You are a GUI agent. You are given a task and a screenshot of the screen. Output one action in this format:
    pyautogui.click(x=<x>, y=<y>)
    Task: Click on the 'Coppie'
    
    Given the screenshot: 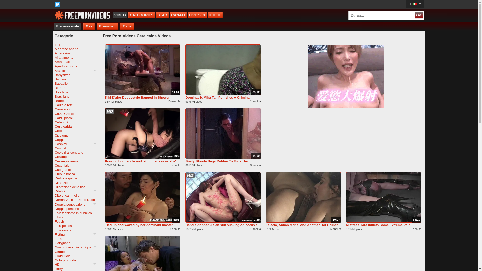 What is the action you would take?
    pyautogui.click(x=75, y=140)
    